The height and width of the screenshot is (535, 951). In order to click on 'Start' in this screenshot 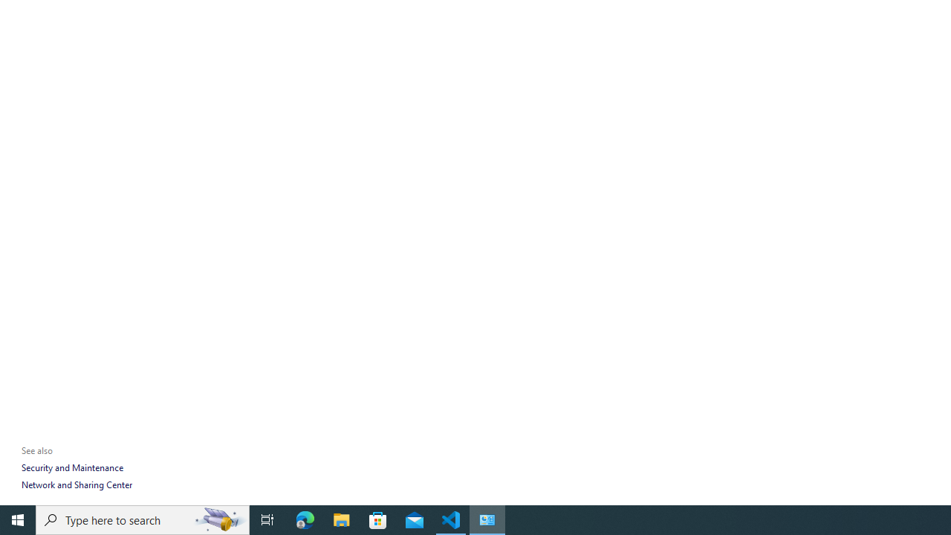, I will do `click(18, 519)`.